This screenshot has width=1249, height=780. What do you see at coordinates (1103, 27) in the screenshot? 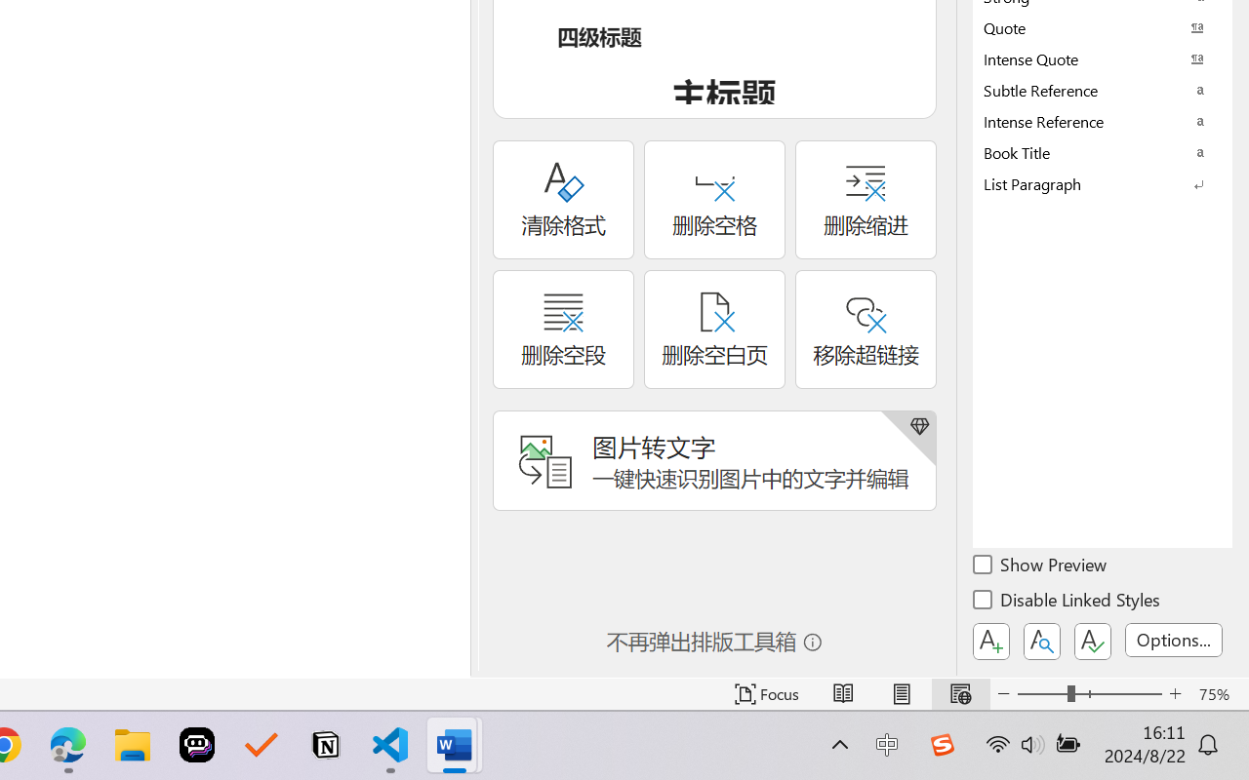
I see `'Quote'` at bounding box center [1103, 27].